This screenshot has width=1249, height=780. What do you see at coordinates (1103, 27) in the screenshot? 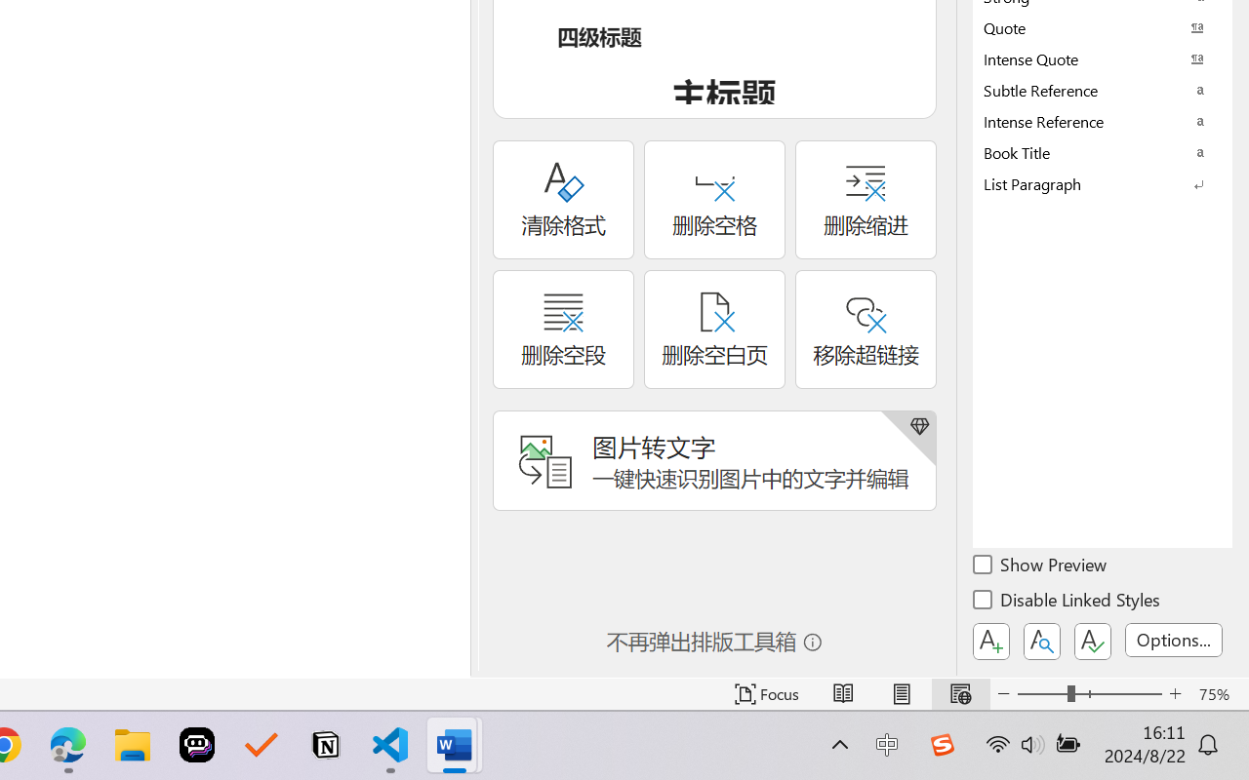
I see `'Quote'` at bounding box center [1103, 27].